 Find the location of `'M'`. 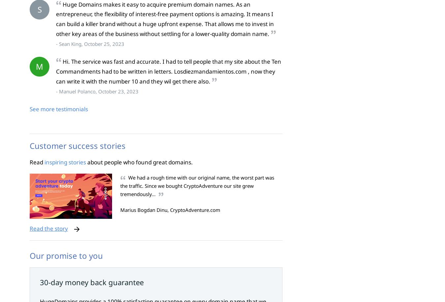

'M' is located at coordinates (40, 66).